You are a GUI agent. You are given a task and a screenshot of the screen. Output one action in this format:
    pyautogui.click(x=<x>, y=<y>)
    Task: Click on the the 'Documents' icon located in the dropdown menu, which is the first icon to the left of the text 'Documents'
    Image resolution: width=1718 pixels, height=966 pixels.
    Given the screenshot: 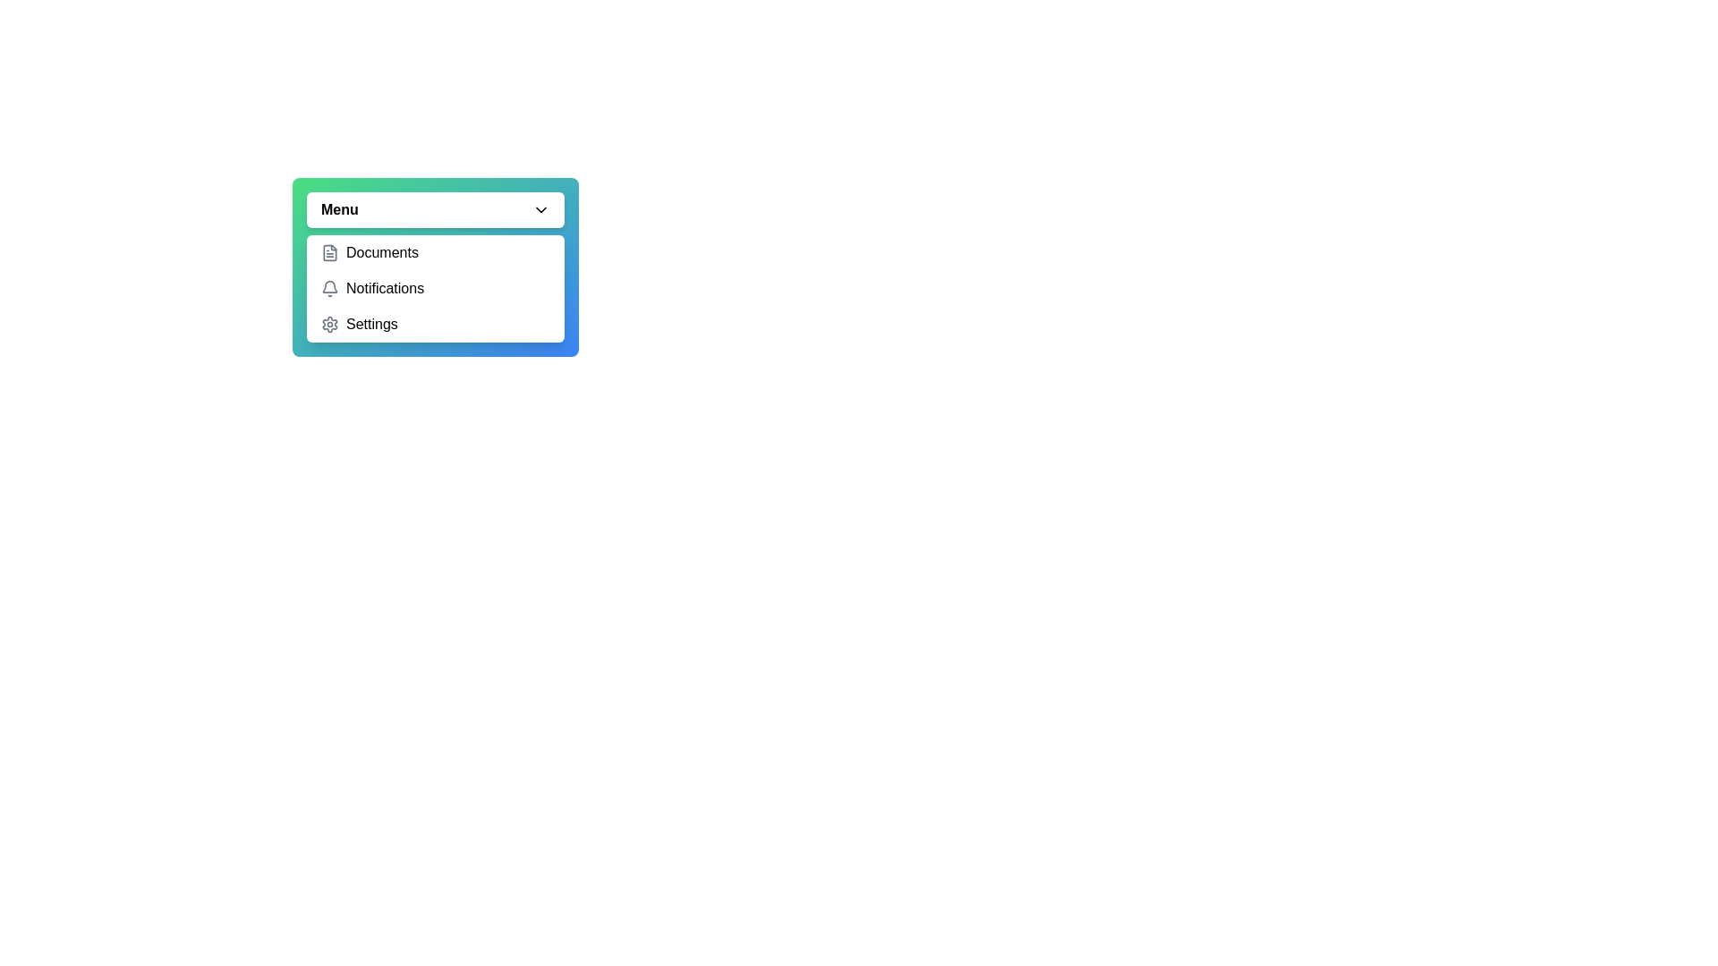 What is the action you would take?
    pyautogui.click(x=330, y=252)
    